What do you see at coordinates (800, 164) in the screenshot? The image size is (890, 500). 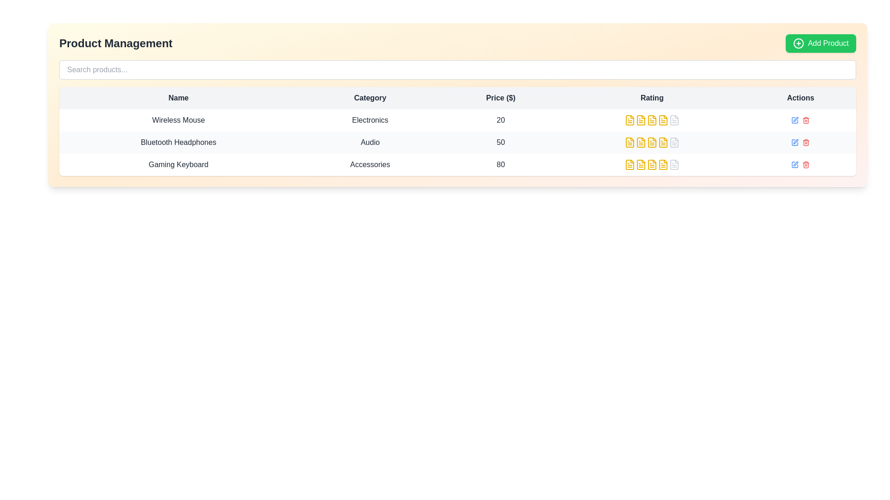 I see `the group of interactive icons in the Actions column for the 'Gaming Keyboard' entry` at bounding box center [800, 164].